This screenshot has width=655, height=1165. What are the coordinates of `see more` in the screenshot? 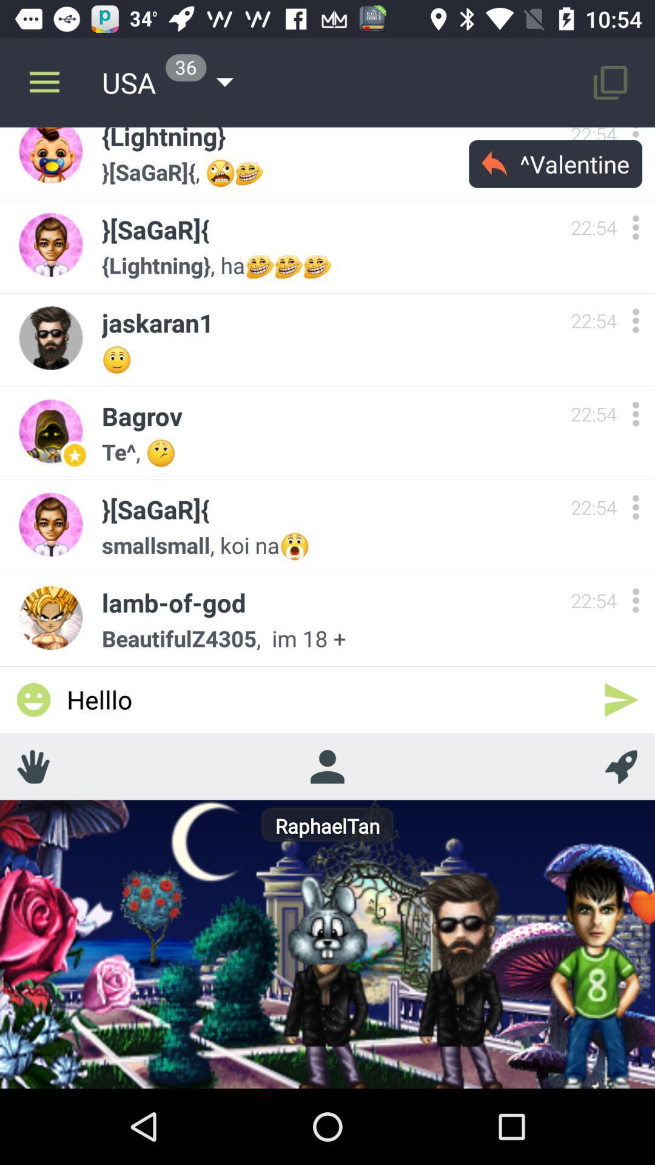 It's located at (635, 507).